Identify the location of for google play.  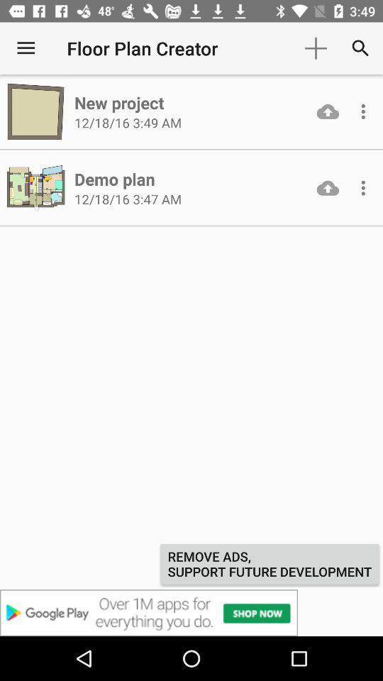
(191, 612).